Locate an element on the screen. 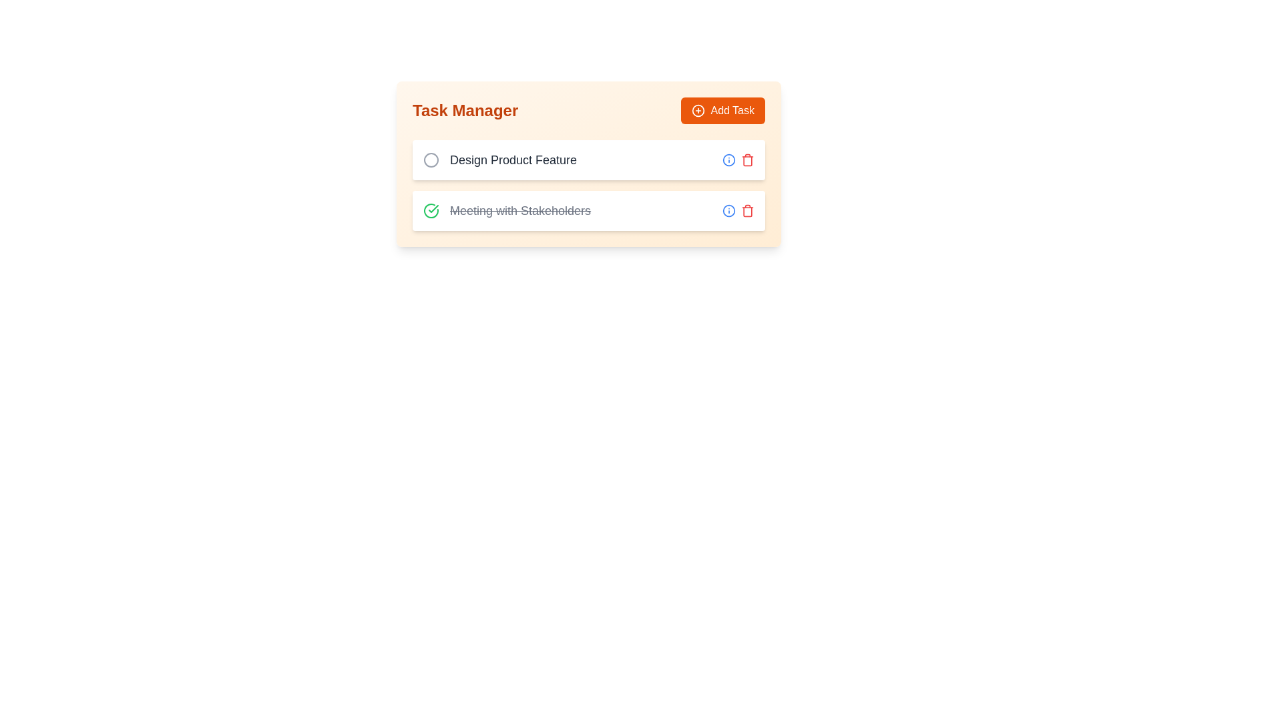  the red trash bin icon button, which is the rightmost element in the second list item of the task list component is located at coordinates (746, 159).